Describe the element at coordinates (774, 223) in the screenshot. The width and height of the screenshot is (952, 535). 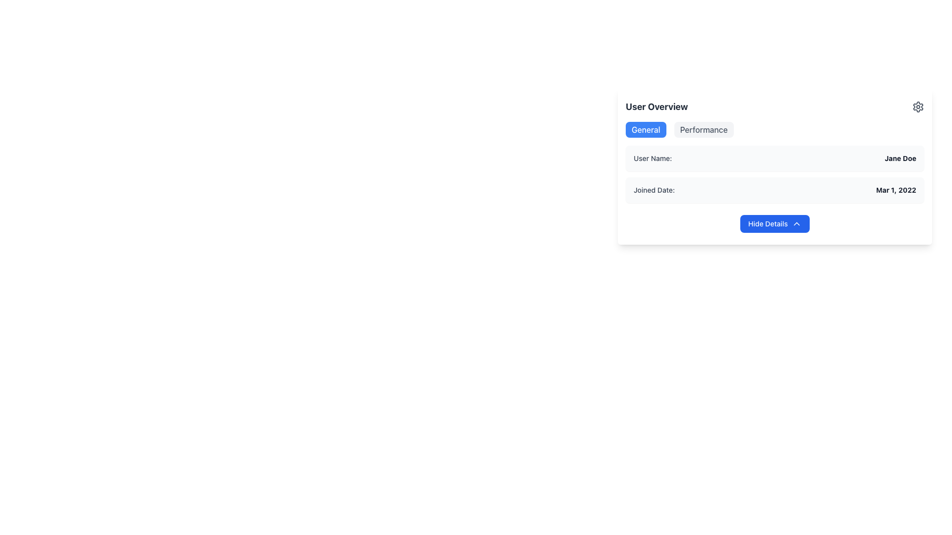
I see `the button located at the bottom center of the 'User Overview' section` at that location.